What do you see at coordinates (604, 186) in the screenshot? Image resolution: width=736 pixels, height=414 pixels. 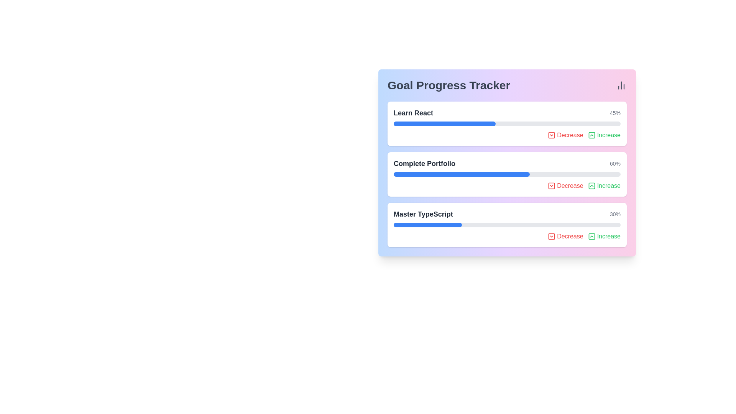 I see `the 'Increase' button` at bounding box center [604, 186].